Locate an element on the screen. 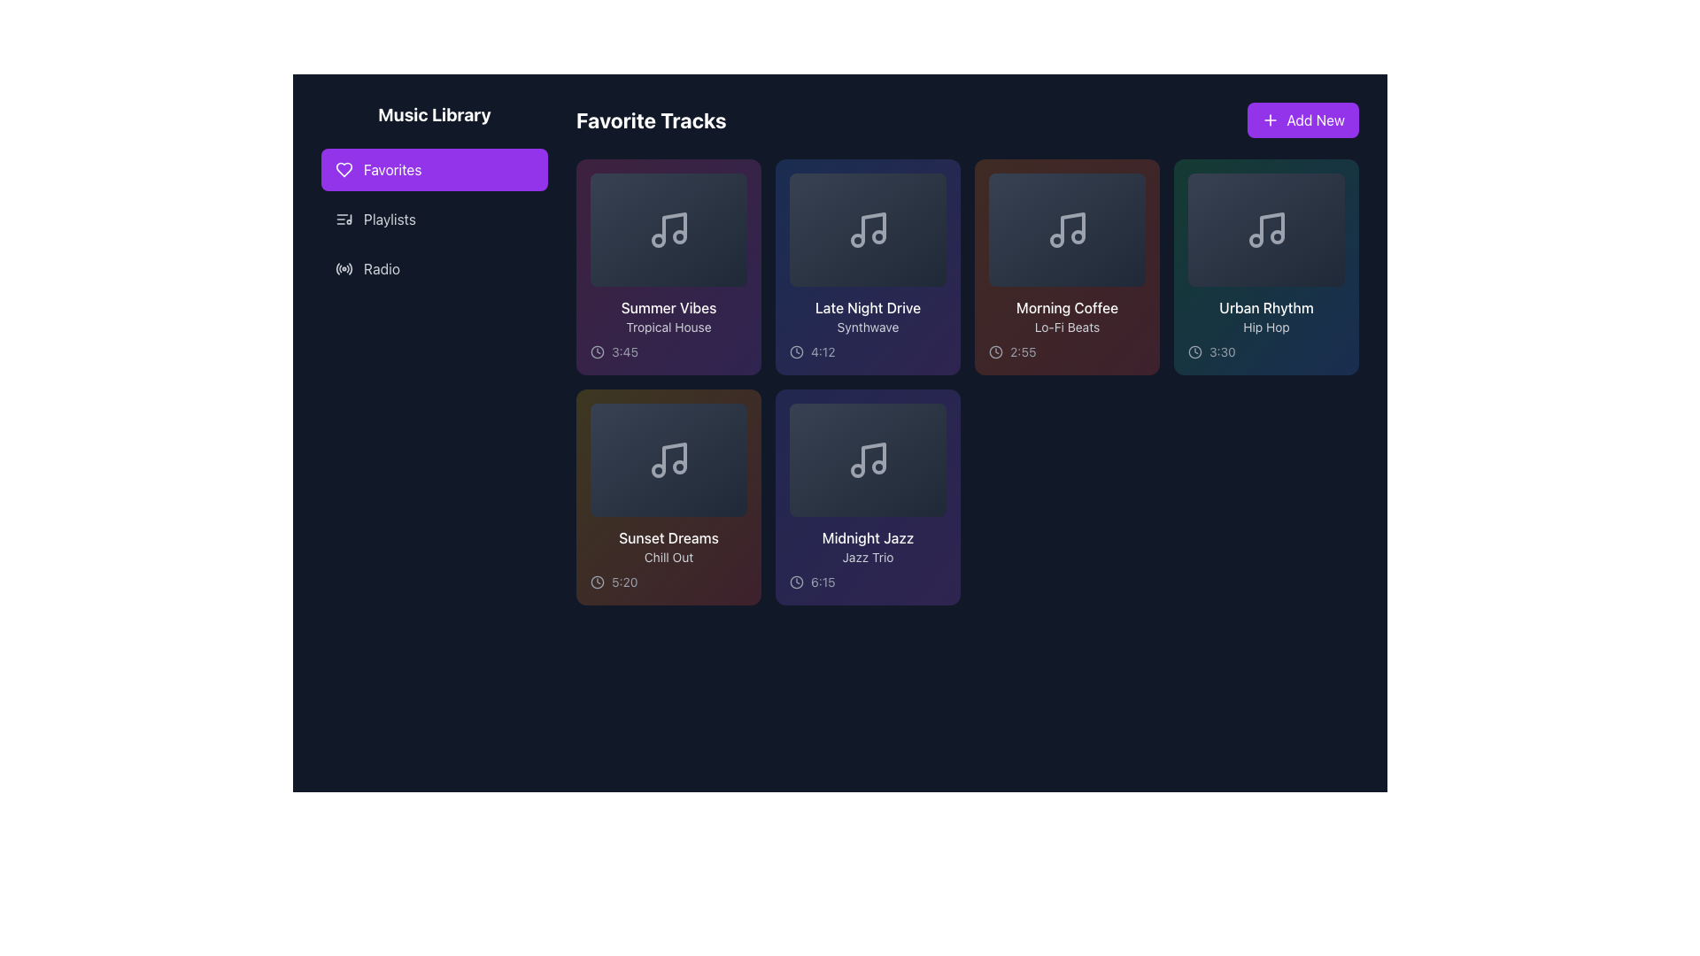  the vertical line within the music note visualization in the 'Midnight Jazz' card located in the last row, second column of the 'Favorite Tracks' grid is located at coordinates (873, 456).